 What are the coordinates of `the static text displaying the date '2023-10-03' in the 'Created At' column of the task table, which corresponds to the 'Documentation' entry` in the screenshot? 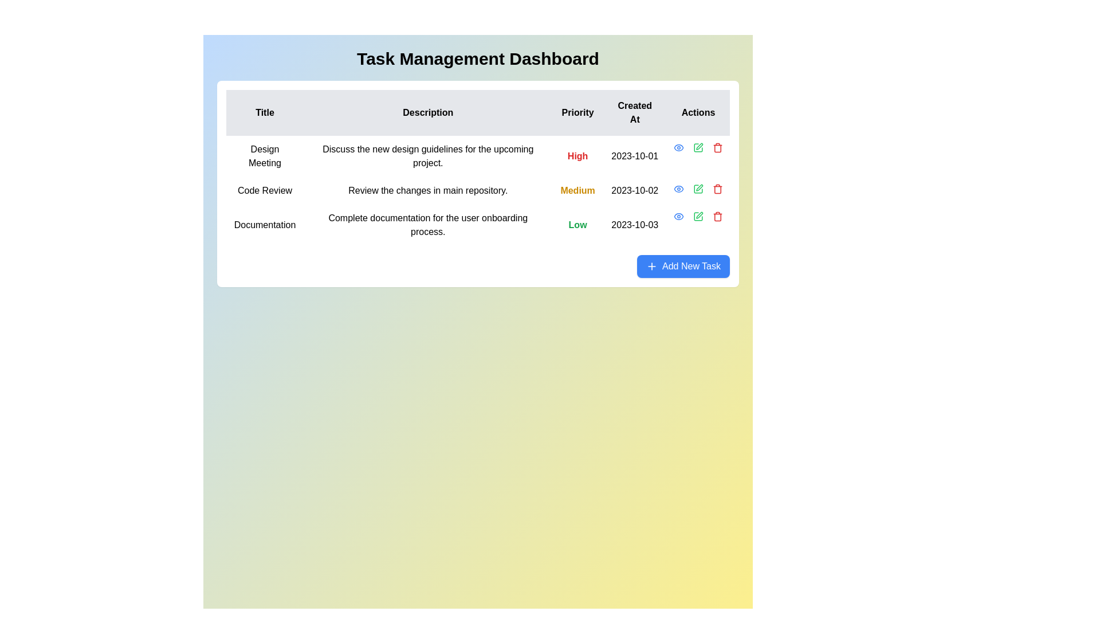 It's located at (634, 225).